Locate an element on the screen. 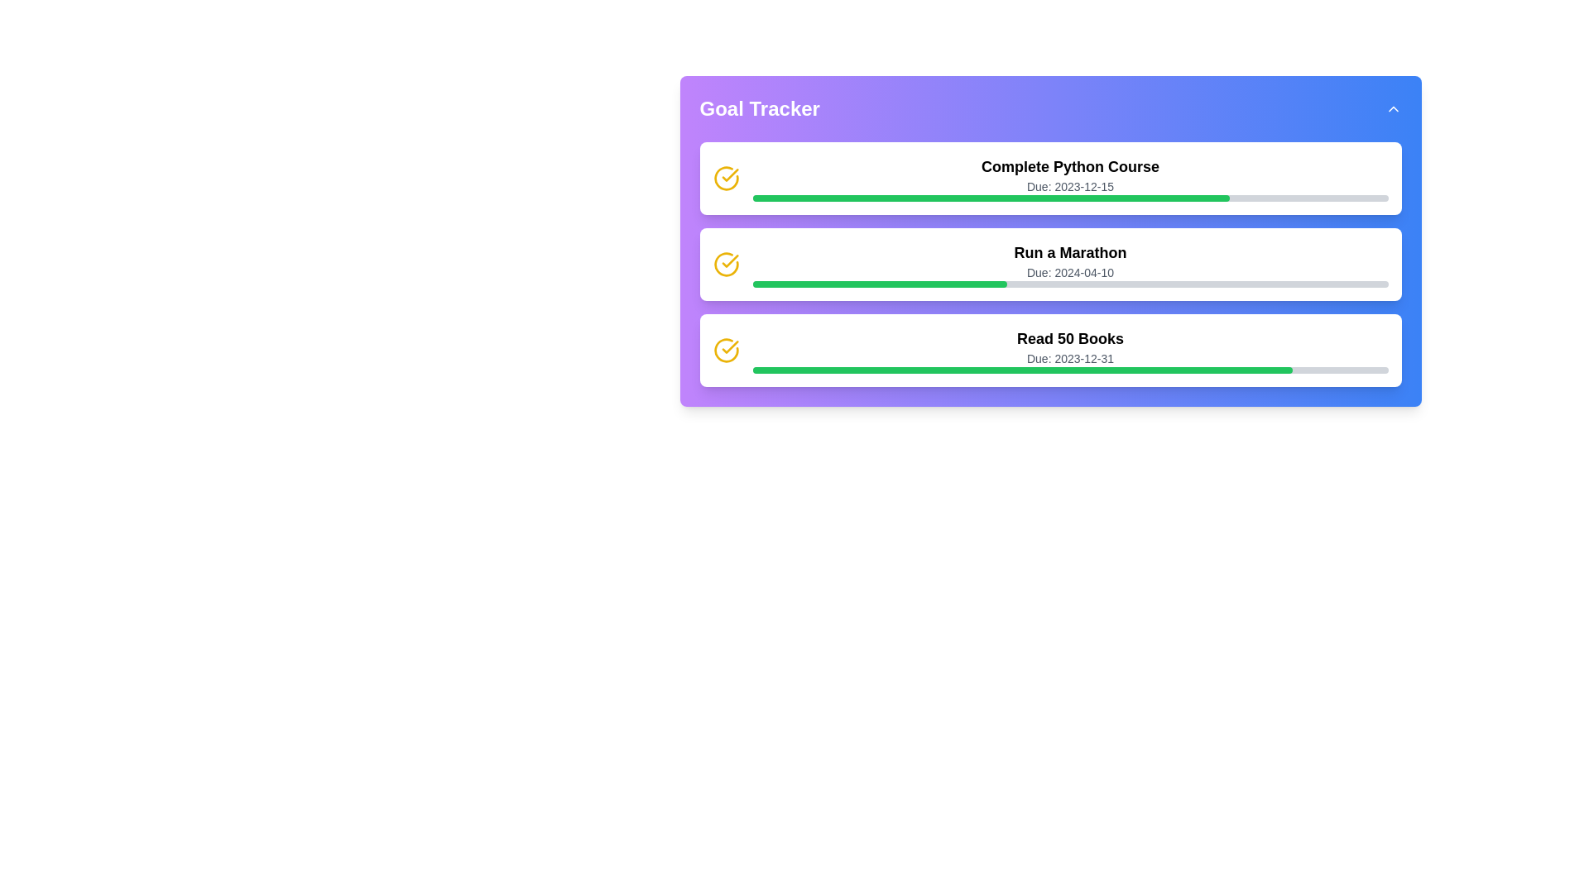 This screenshot has width=1589, height=893. the completion status icon located at the top-left section of the 'Run a Marathon' card, to the left of the goal title and progress bar is located at coordinates (726, 264).